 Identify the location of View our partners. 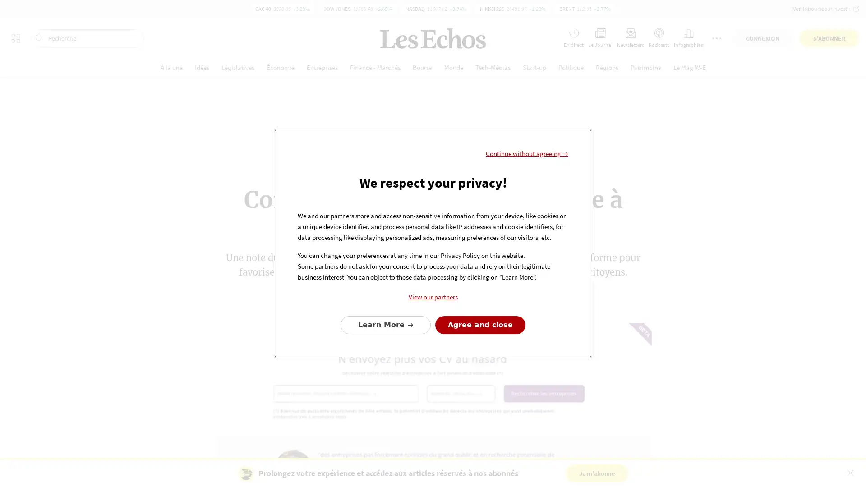
(433, 297).